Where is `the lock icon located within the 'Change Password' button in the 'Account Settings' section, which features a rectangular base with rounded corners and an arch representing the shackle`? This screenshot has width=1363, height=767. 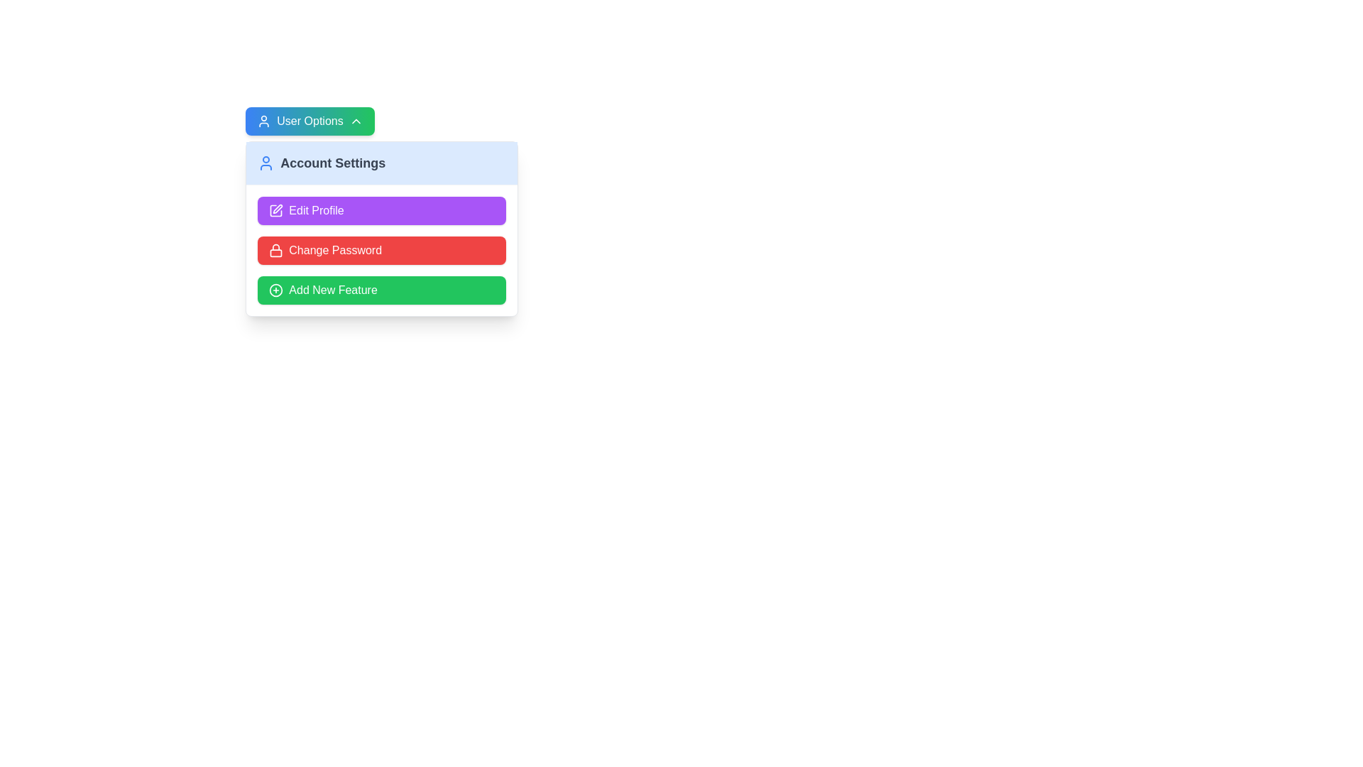
the lock icon located within the 'Change Password' button in the 'Account Settings' section, which features a rectangular base with rounded corners and an arch representing the shackle is located at coordinates (276, 250).